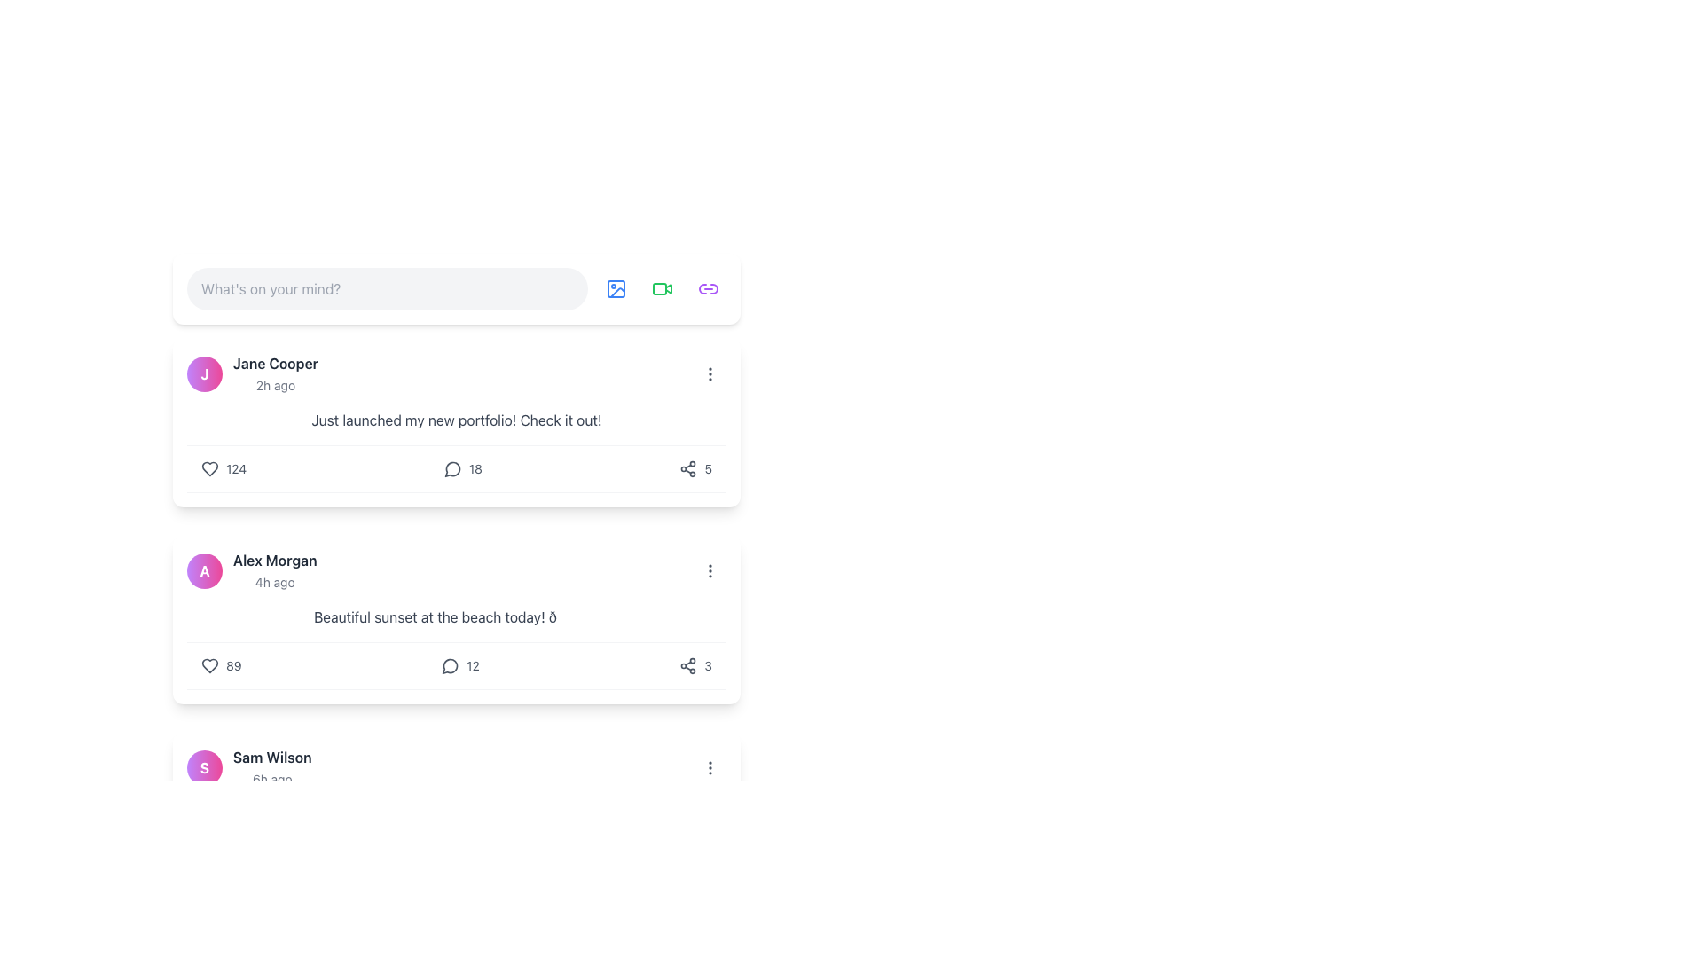  What do you see at coordinates (710, 373) in the screenshot?
I see `the icon button representing a vertical ellipsis located at the upper-right corner of Jane Cooper's post` at bounding box center [710, 373].